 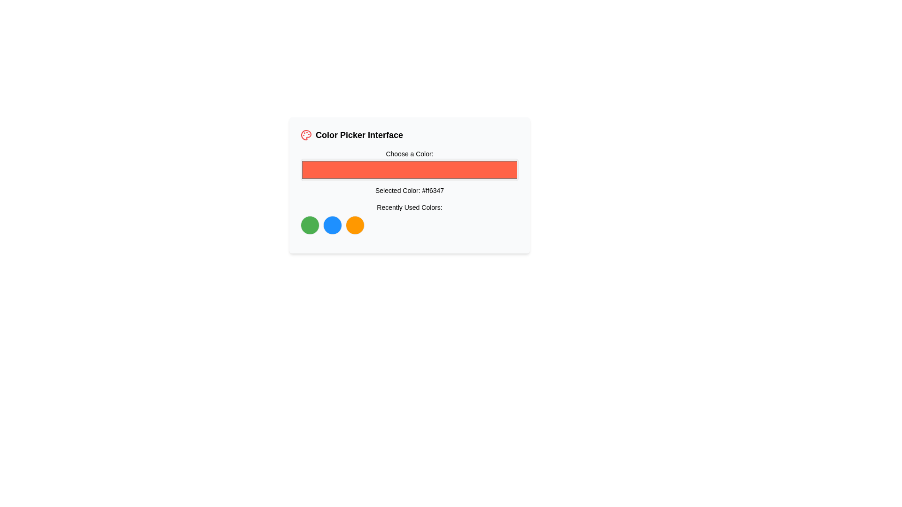 I want to click on the vibrant orange circular button, the rightmost element in the row of three, so click(x=354, y=225).